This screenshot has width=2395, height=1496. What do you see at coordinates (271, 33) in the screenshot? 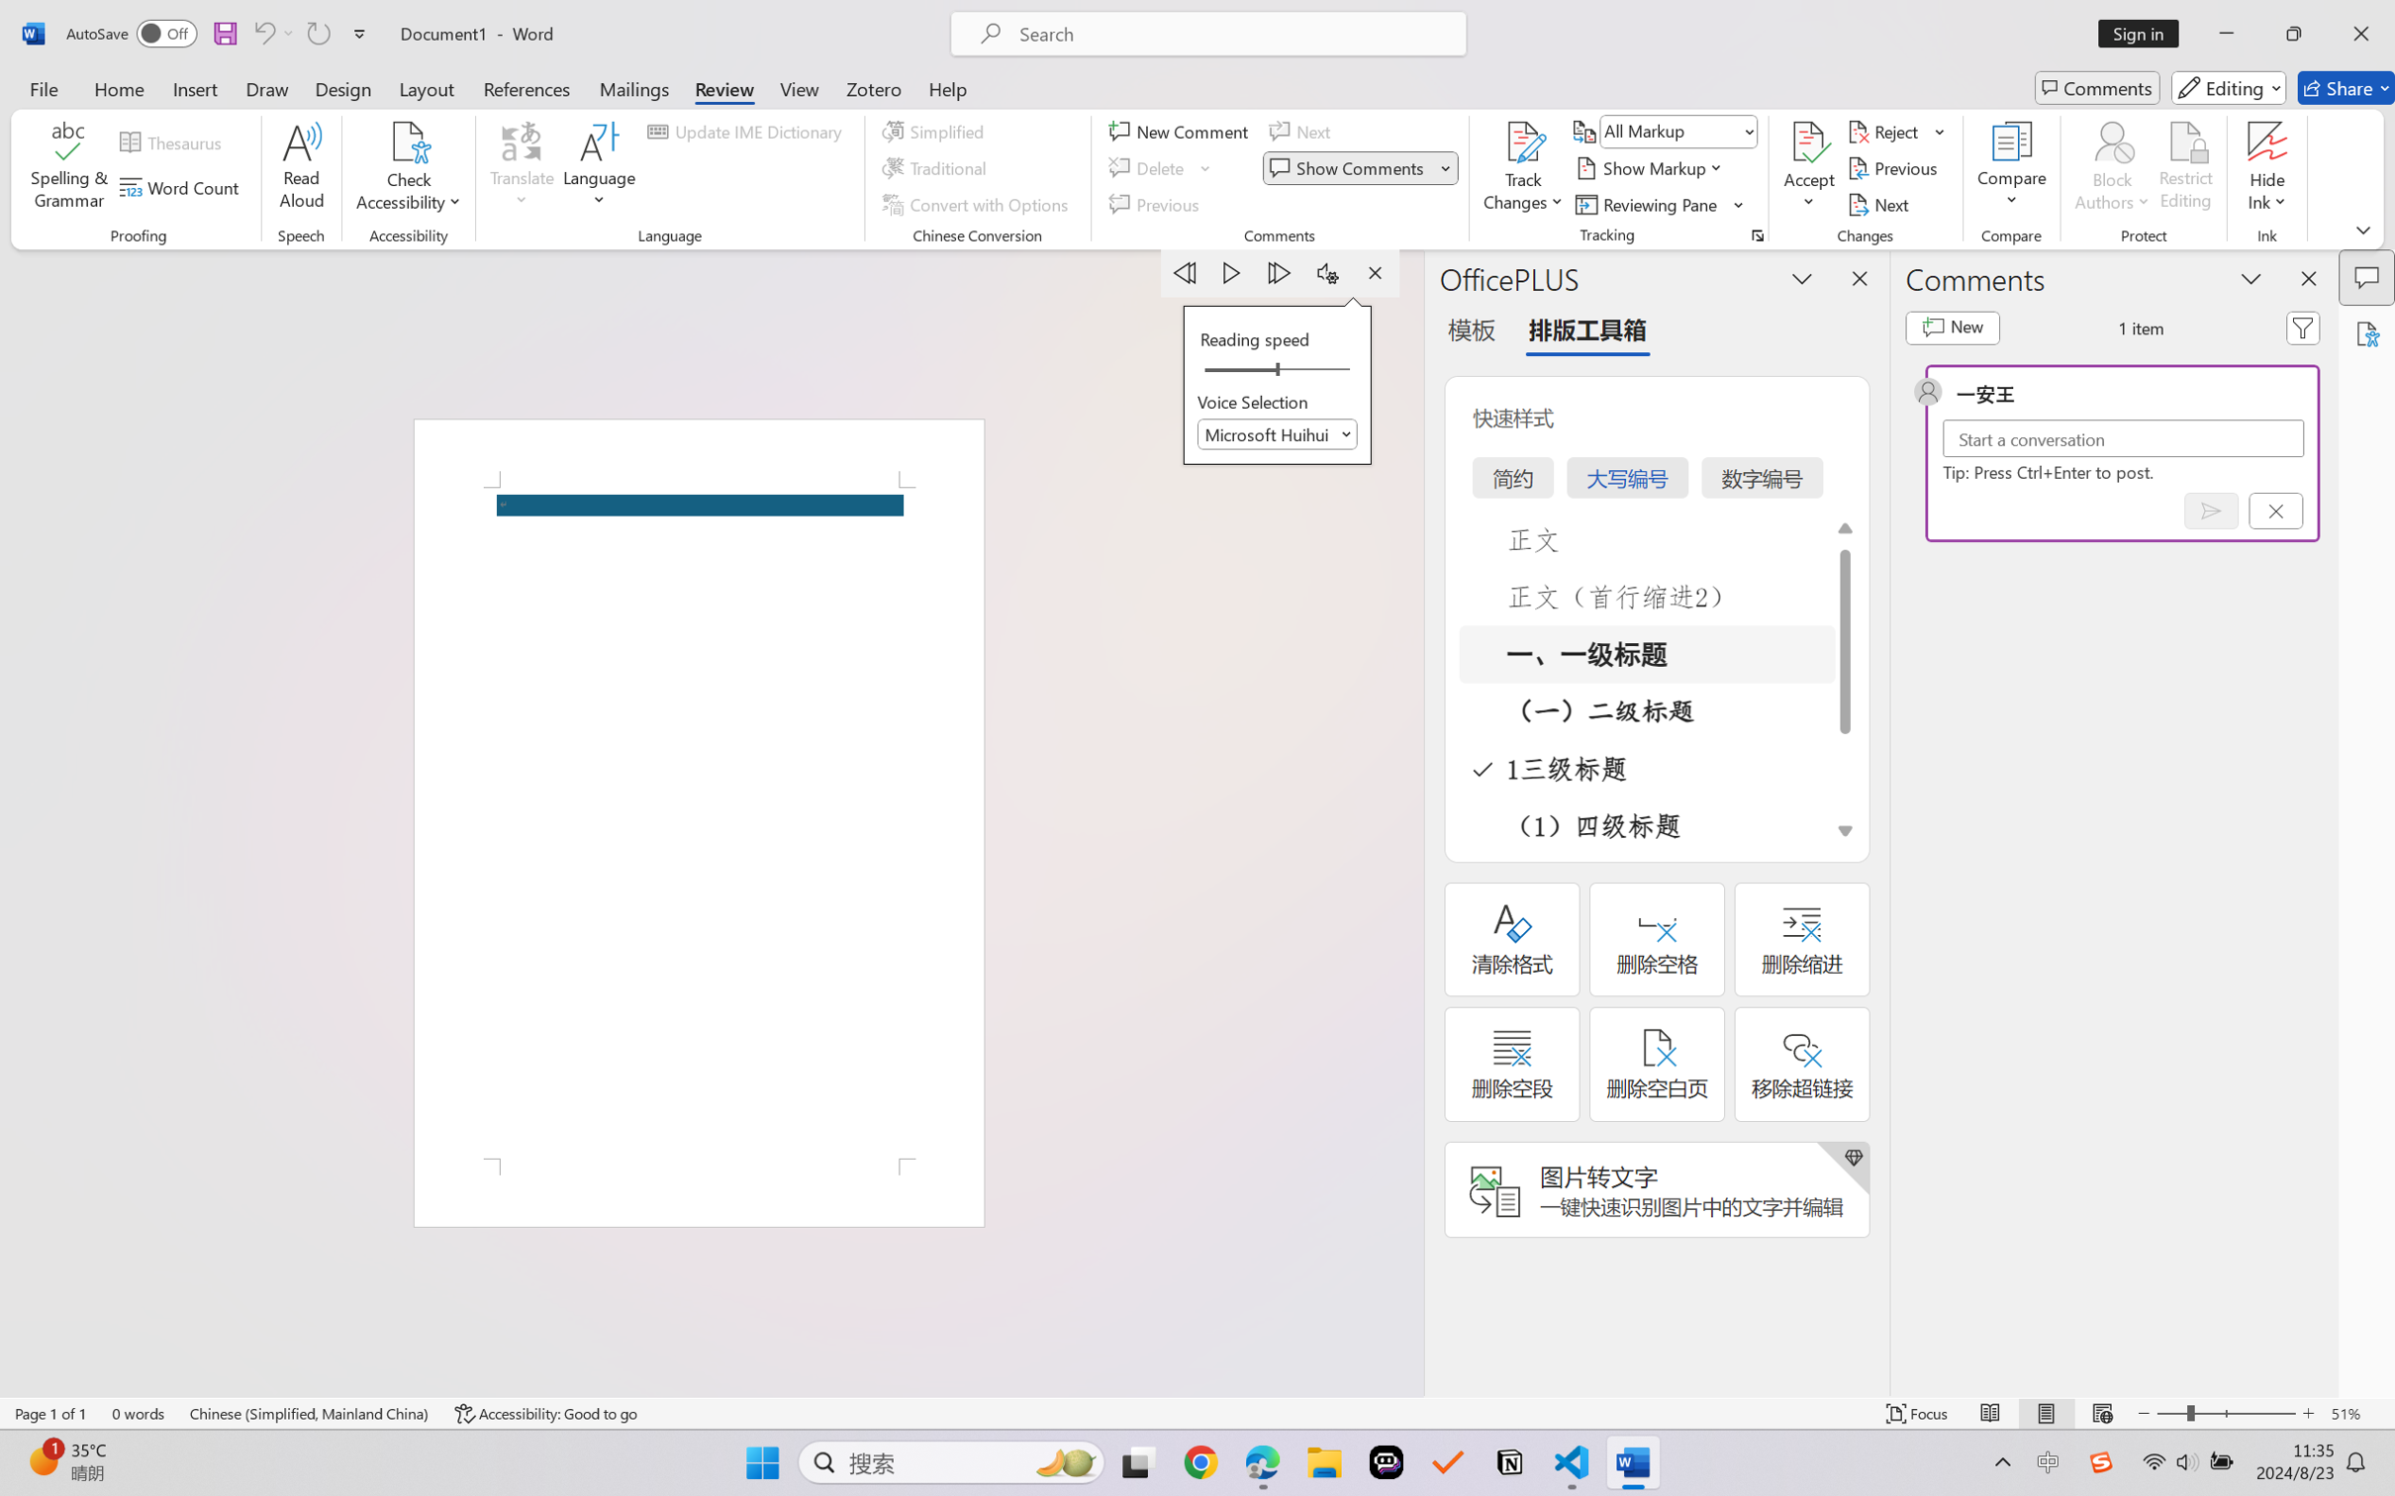
I see `'Undo Apply Quick Style Set'` at bounding box center [271, 33].